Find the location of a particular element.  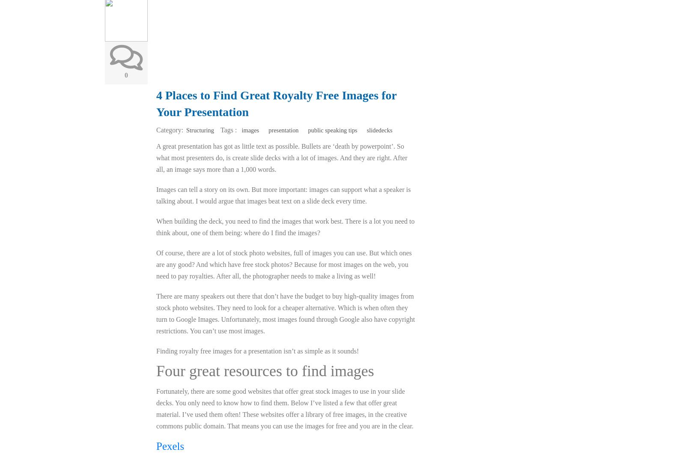

'A great presentation has got as little text as possible. Bullets are ‘death by powerpoint’. So what most presenters do, is create slide decks with a lot of images. And they are right. After all, an image says more than a 1,000 words.' is located at coordinates (282, 157).